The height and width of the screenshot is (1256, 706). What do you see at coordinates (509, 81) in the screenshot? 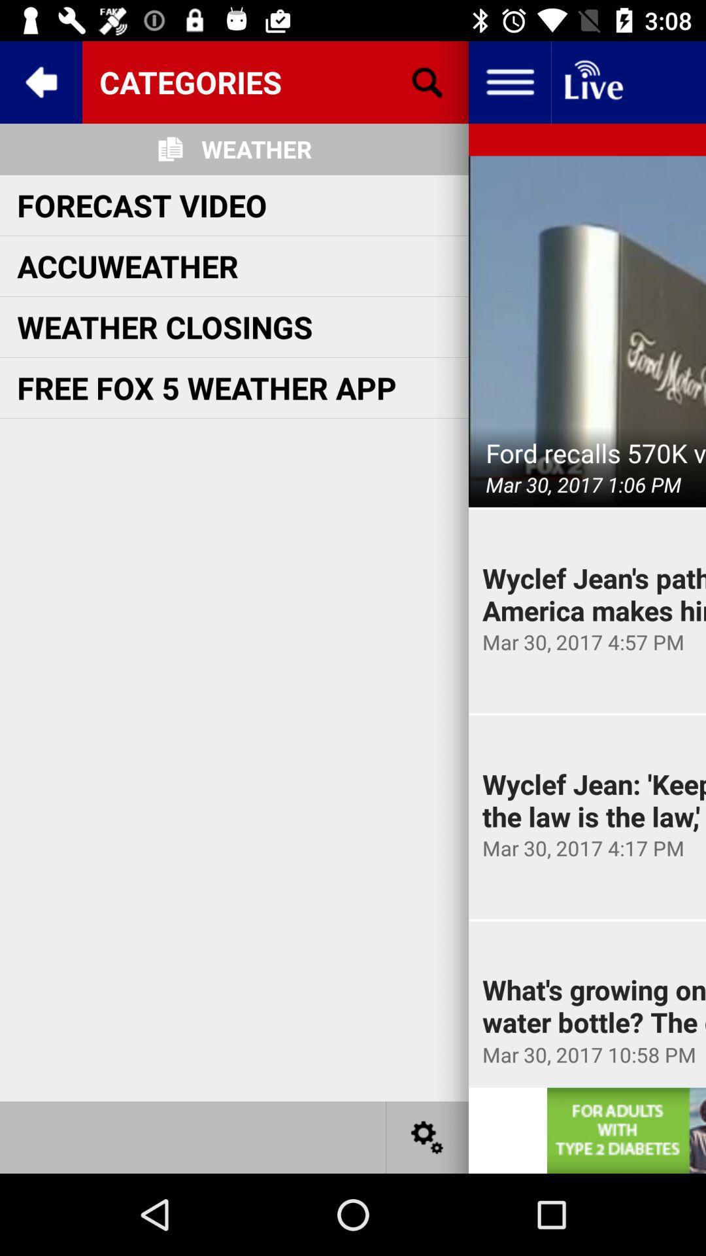
I see `menu` at bounding box center [509, 81].